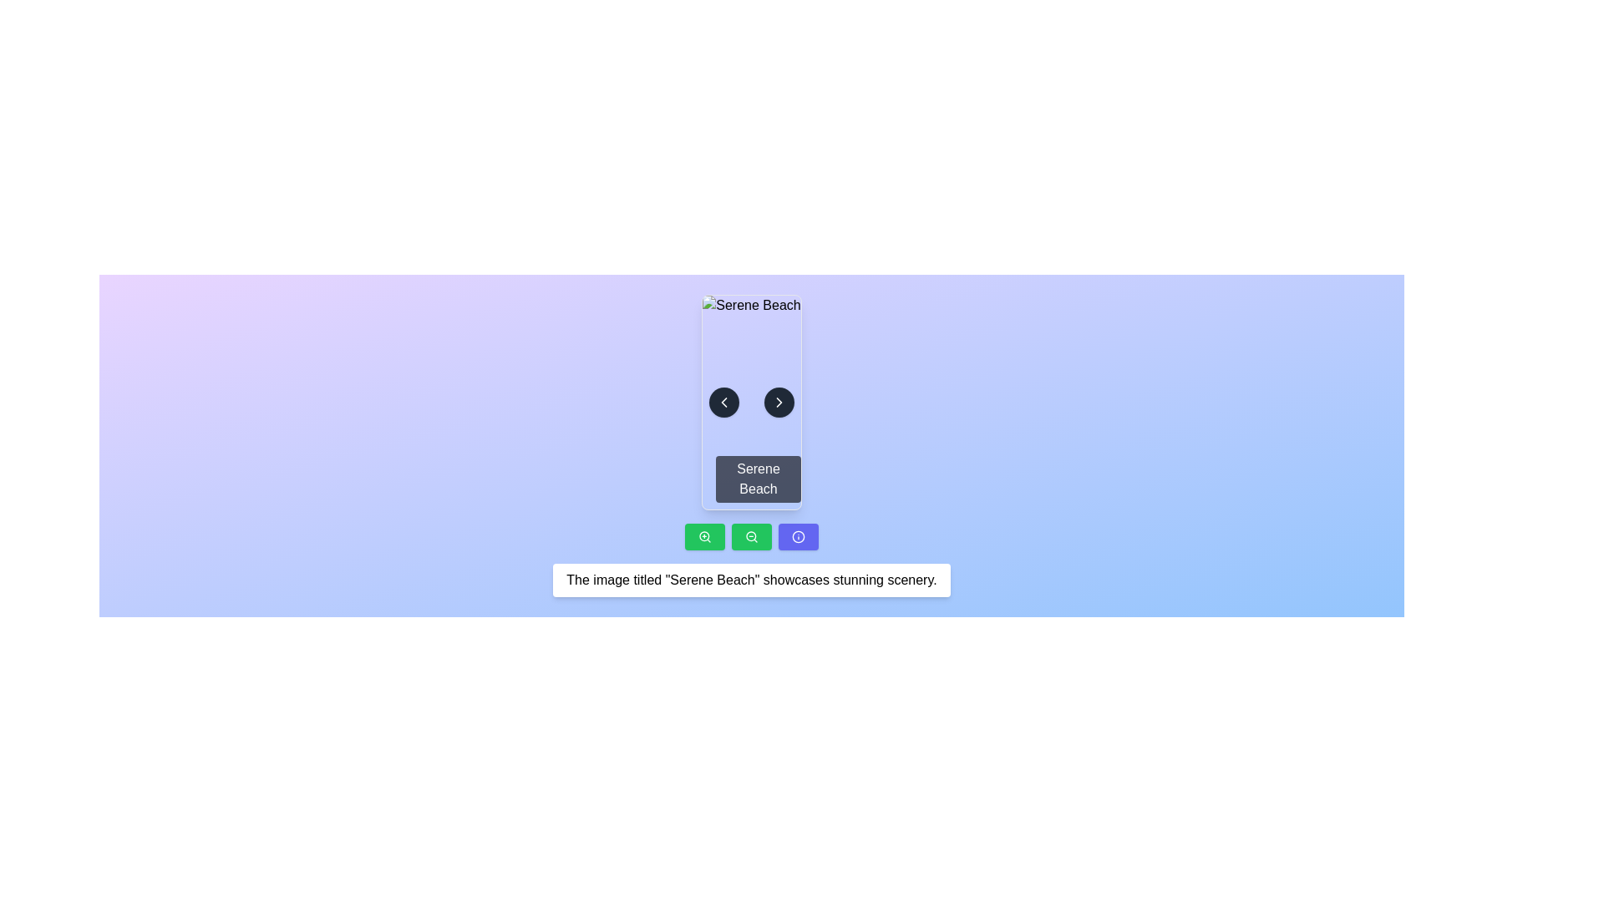  What do you see at coordinates (751, 537) in the screenshot?
I see `the magnifying glass button with a minus sign inside` at bounding box center [751, 537].